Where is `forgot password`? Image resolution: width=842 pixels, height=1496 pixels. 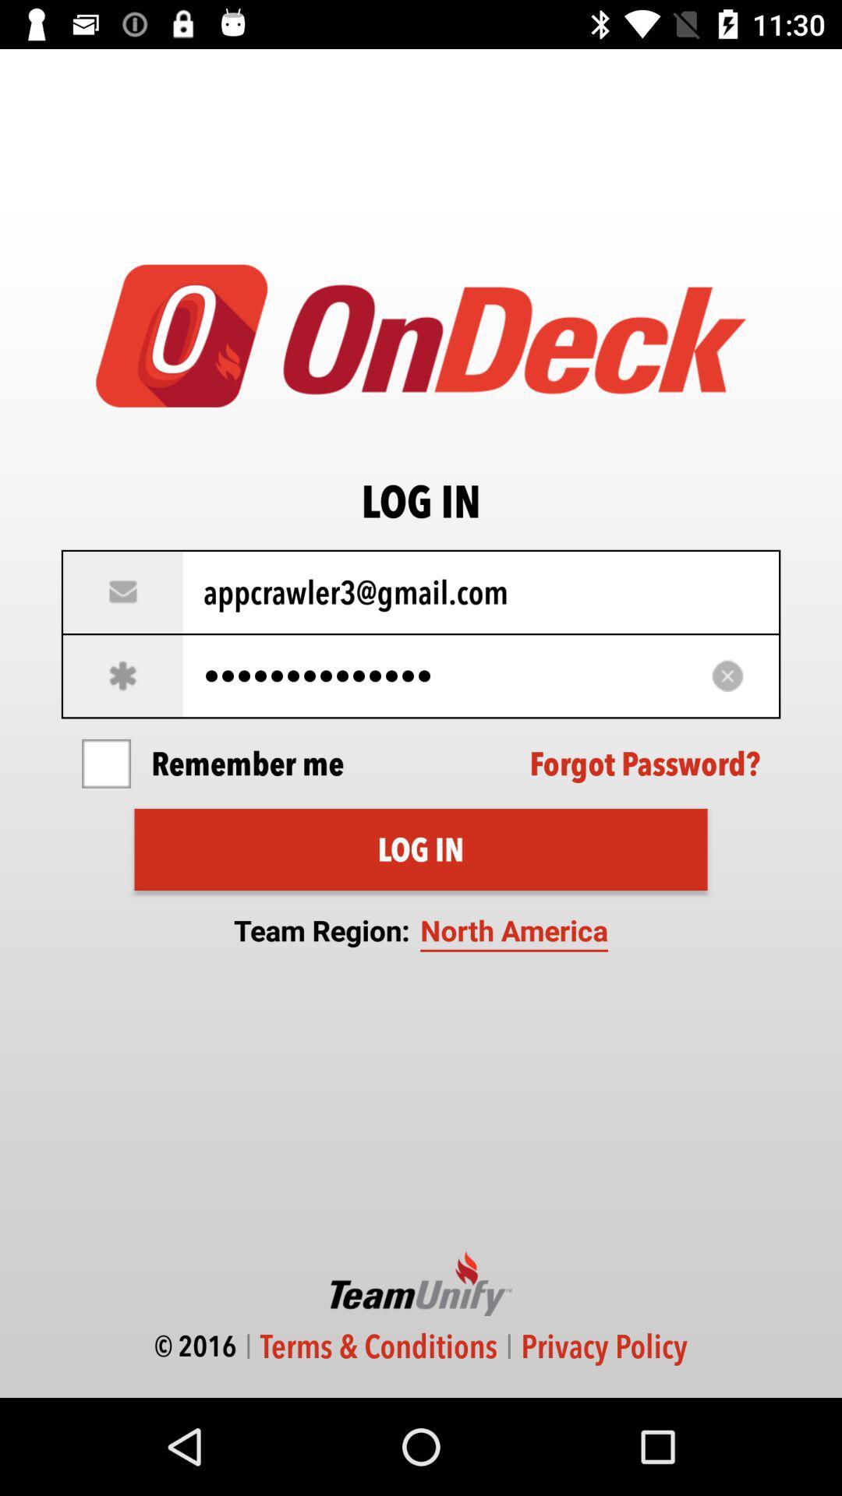
forgot password is located at coordinates (645, 764).